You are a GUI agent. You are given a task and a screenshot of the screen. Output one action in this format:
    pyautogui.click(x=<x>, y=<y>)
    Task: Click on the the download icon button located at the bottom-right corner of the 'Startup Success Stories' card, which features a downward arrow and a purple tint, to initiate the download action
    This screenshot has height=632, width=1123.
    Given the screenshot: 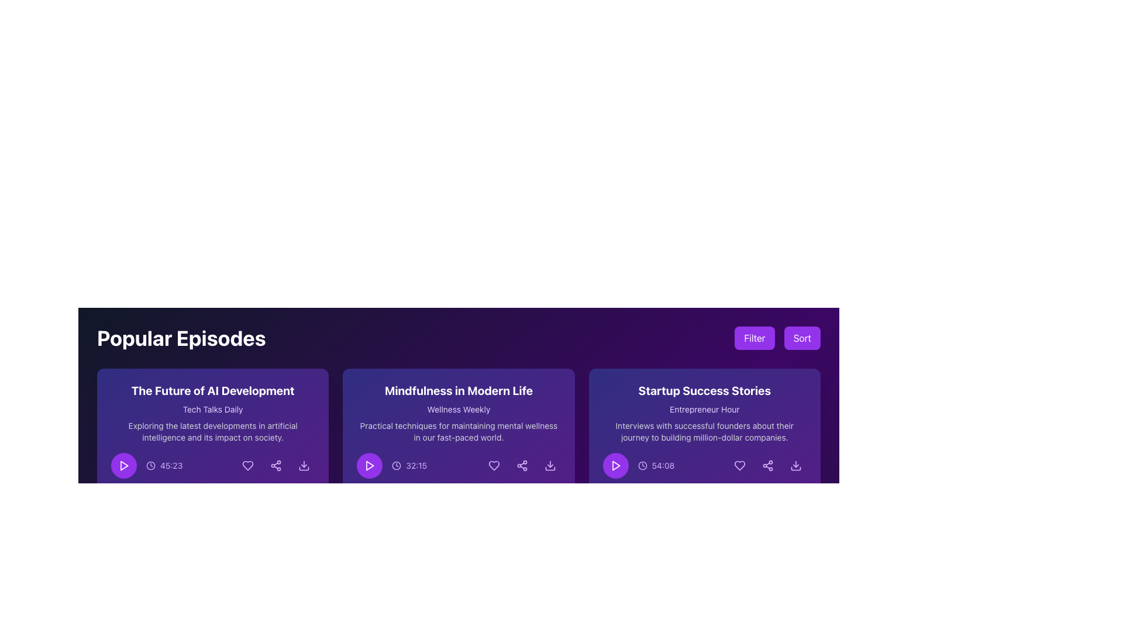 What is the action you would take?
    pyautogui.click(x=795, y=465)
    